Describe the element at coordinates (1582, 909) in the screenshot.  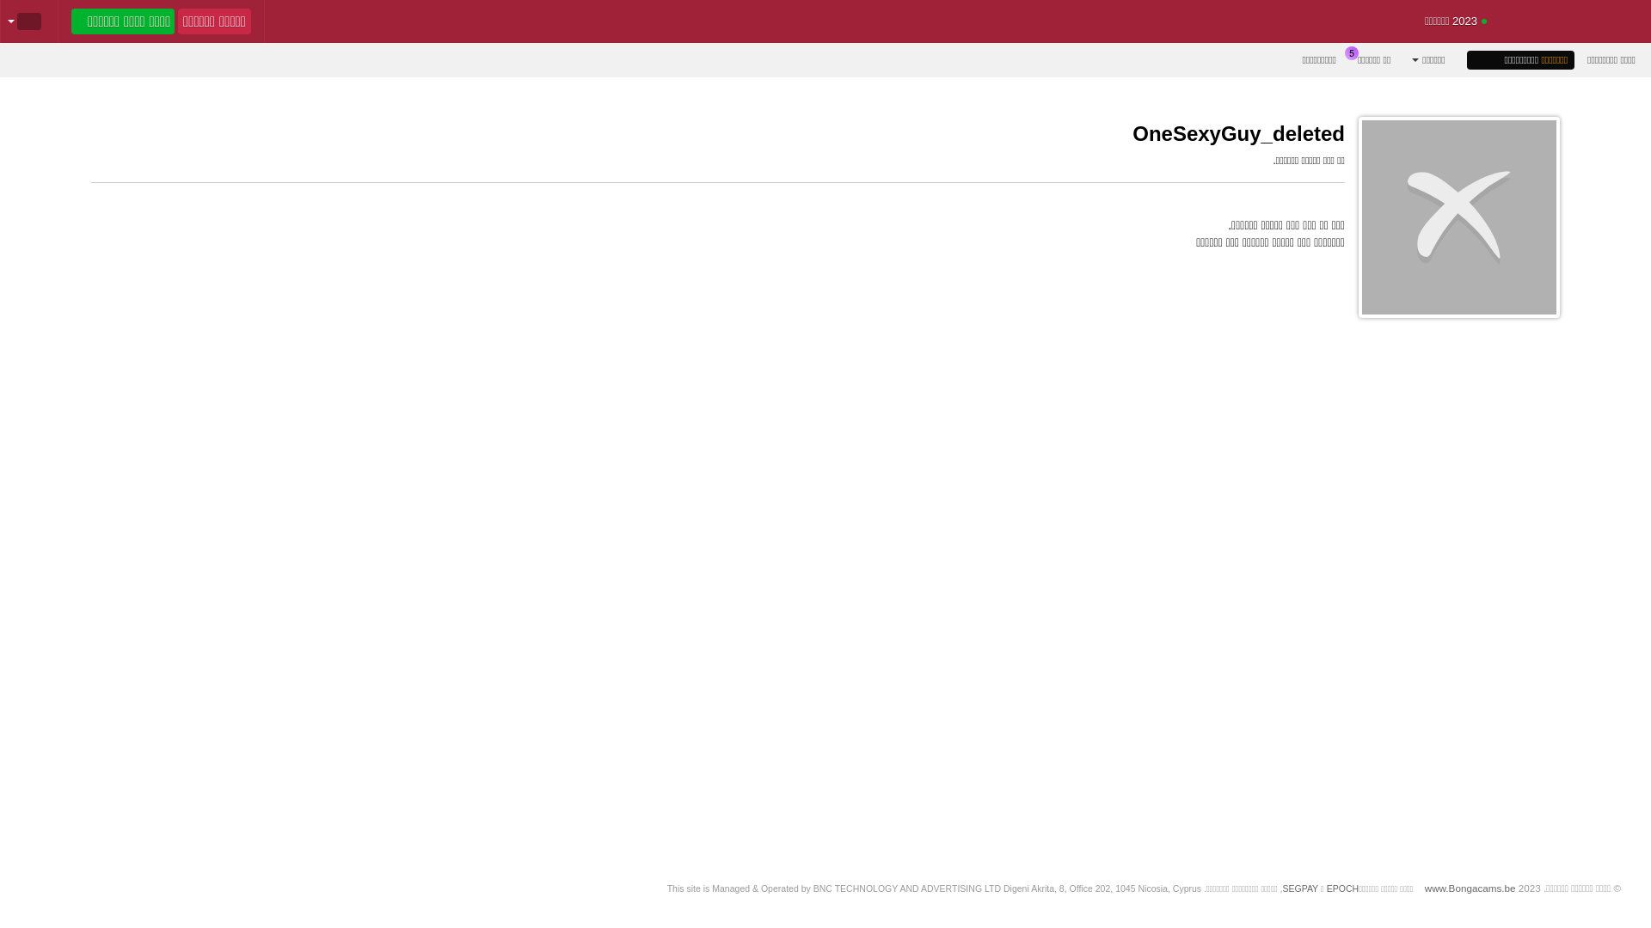
I see `'RTA'` at that location.